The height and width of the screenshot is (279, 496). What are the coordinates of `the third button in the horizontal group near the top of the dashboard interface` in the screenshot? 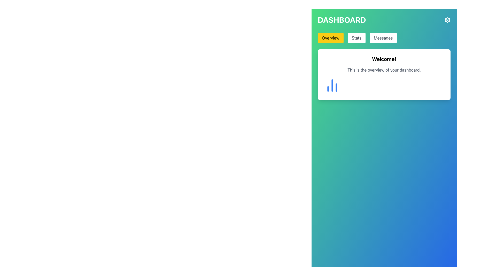 It's located at (383, 37).